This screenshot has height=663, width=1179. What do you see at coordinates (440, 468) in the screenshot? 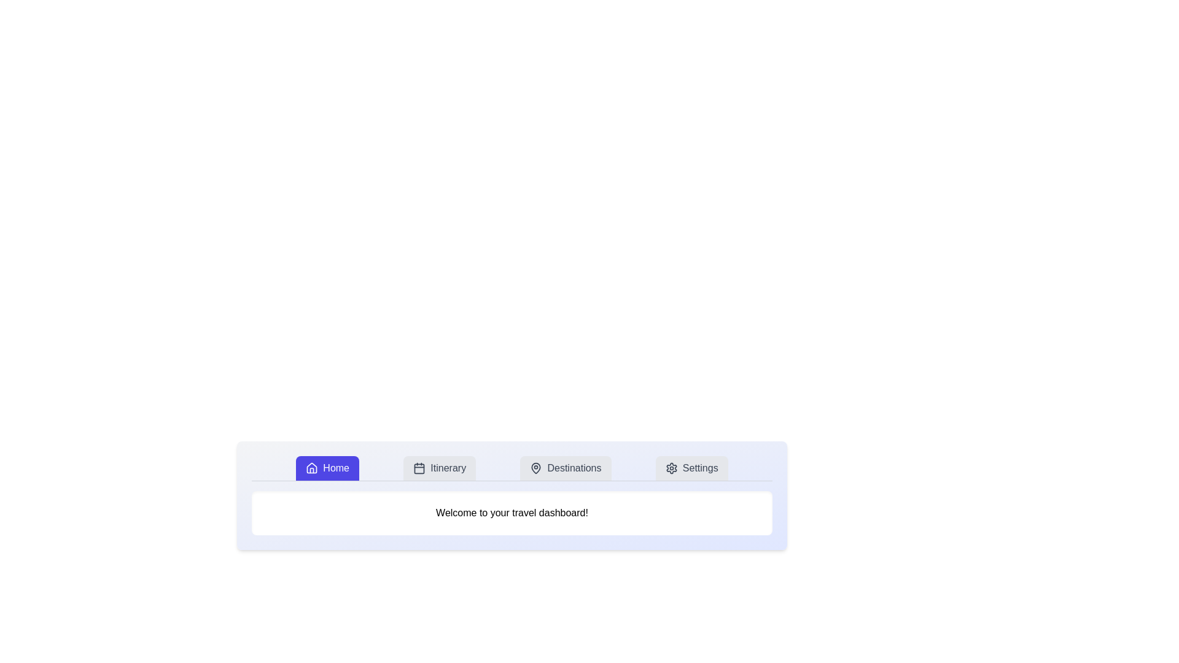
I see `the 'Itinerary' button, which has a light gray background, dark gray text, and a calendar icon` at bounding box center [440, 468].